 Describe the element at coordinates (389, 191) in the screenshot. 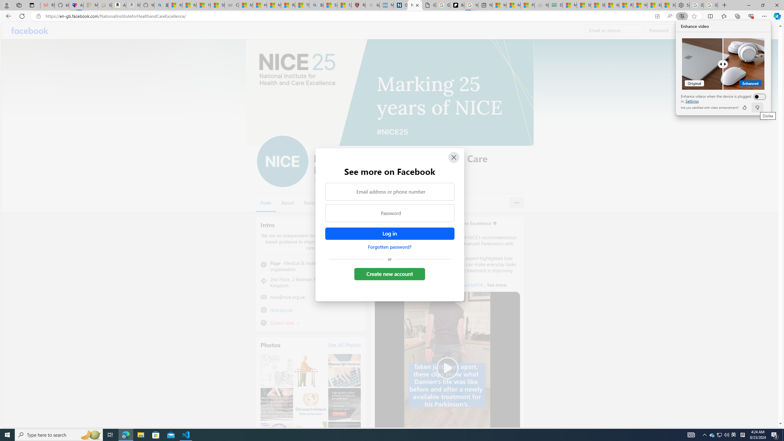

I see `'Email address or phone number'` at that location.